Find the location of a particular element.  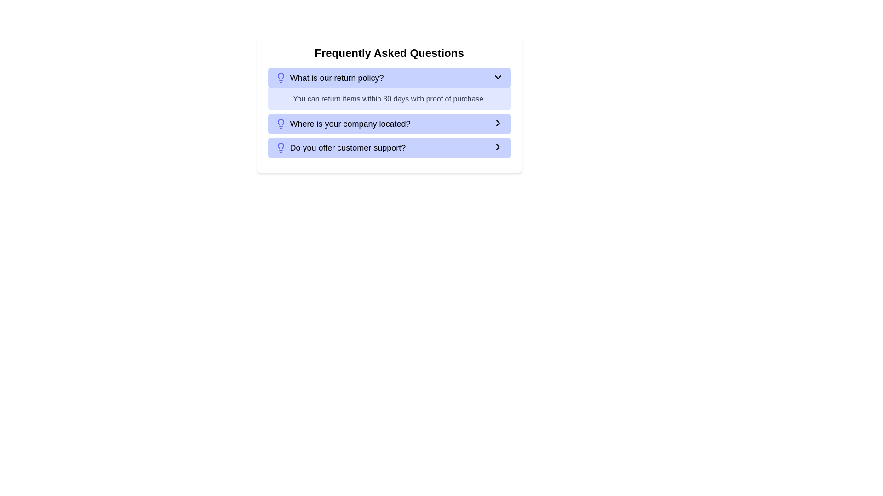

the navigation icon located at the far right of the second list item in the FAQs section, which indicates the capability for navigation or expansion related to the associated FAQ item is located at coordinates (497, 122).